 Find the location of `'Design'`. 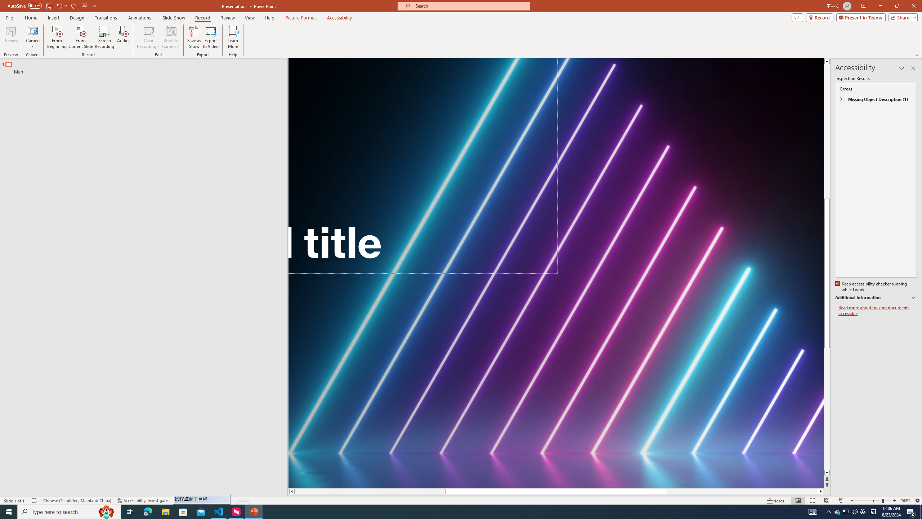

'Design' is located at coordinates (77, 18).